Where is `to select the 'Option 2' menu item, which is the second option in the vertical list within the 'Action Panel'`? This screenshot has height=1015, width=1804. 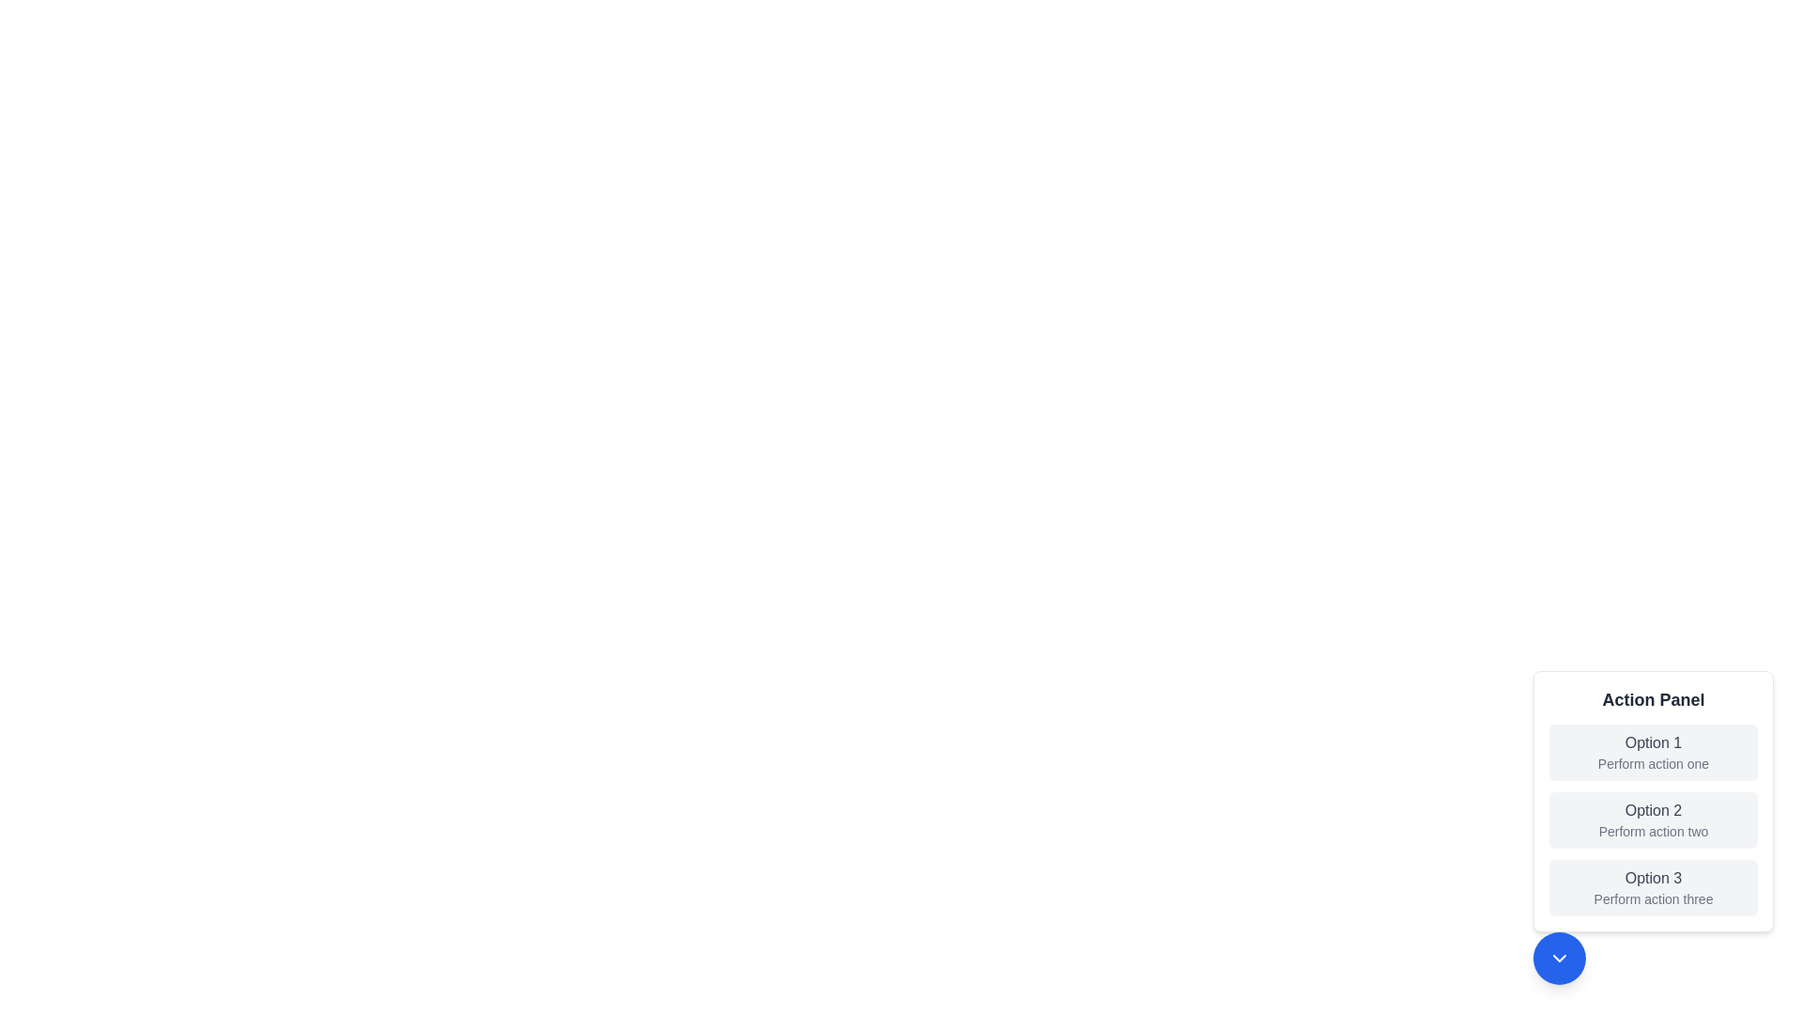 to select the 'Option 2' menu item, which is the second option in the vertical list within the 'Action Panel' is located at coordinates (1654, 819).